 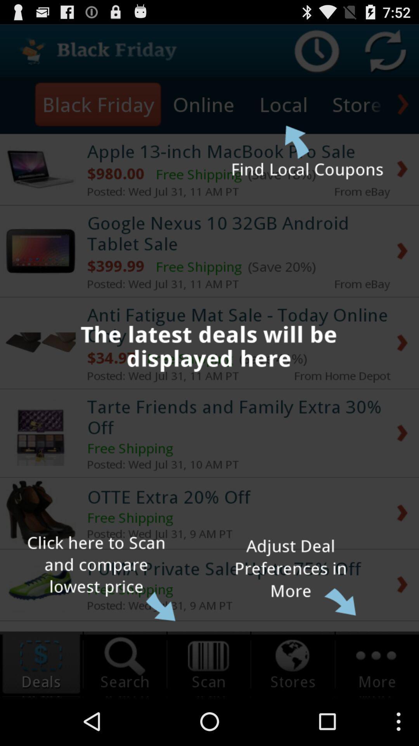 I want to click on the item at the center, so click(x=209, y=360).